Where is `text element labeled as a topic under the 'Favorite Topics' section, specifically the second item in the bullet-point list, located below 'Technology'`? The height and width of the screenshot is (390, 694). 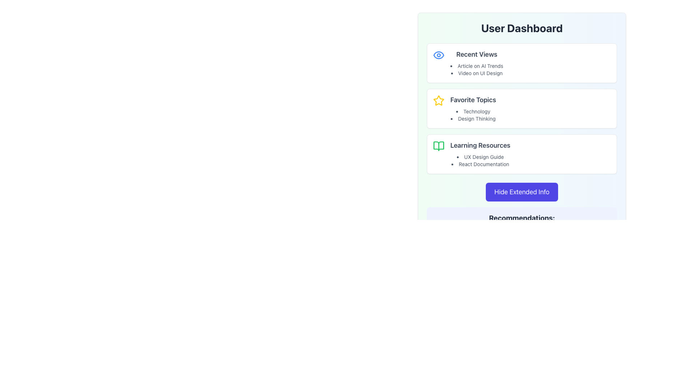
text element labeled as a topic under the 'Favorite Topics' section, specifically the second item in the bullet-point list, located below 'Technology' is located at coordinates (473, 118).